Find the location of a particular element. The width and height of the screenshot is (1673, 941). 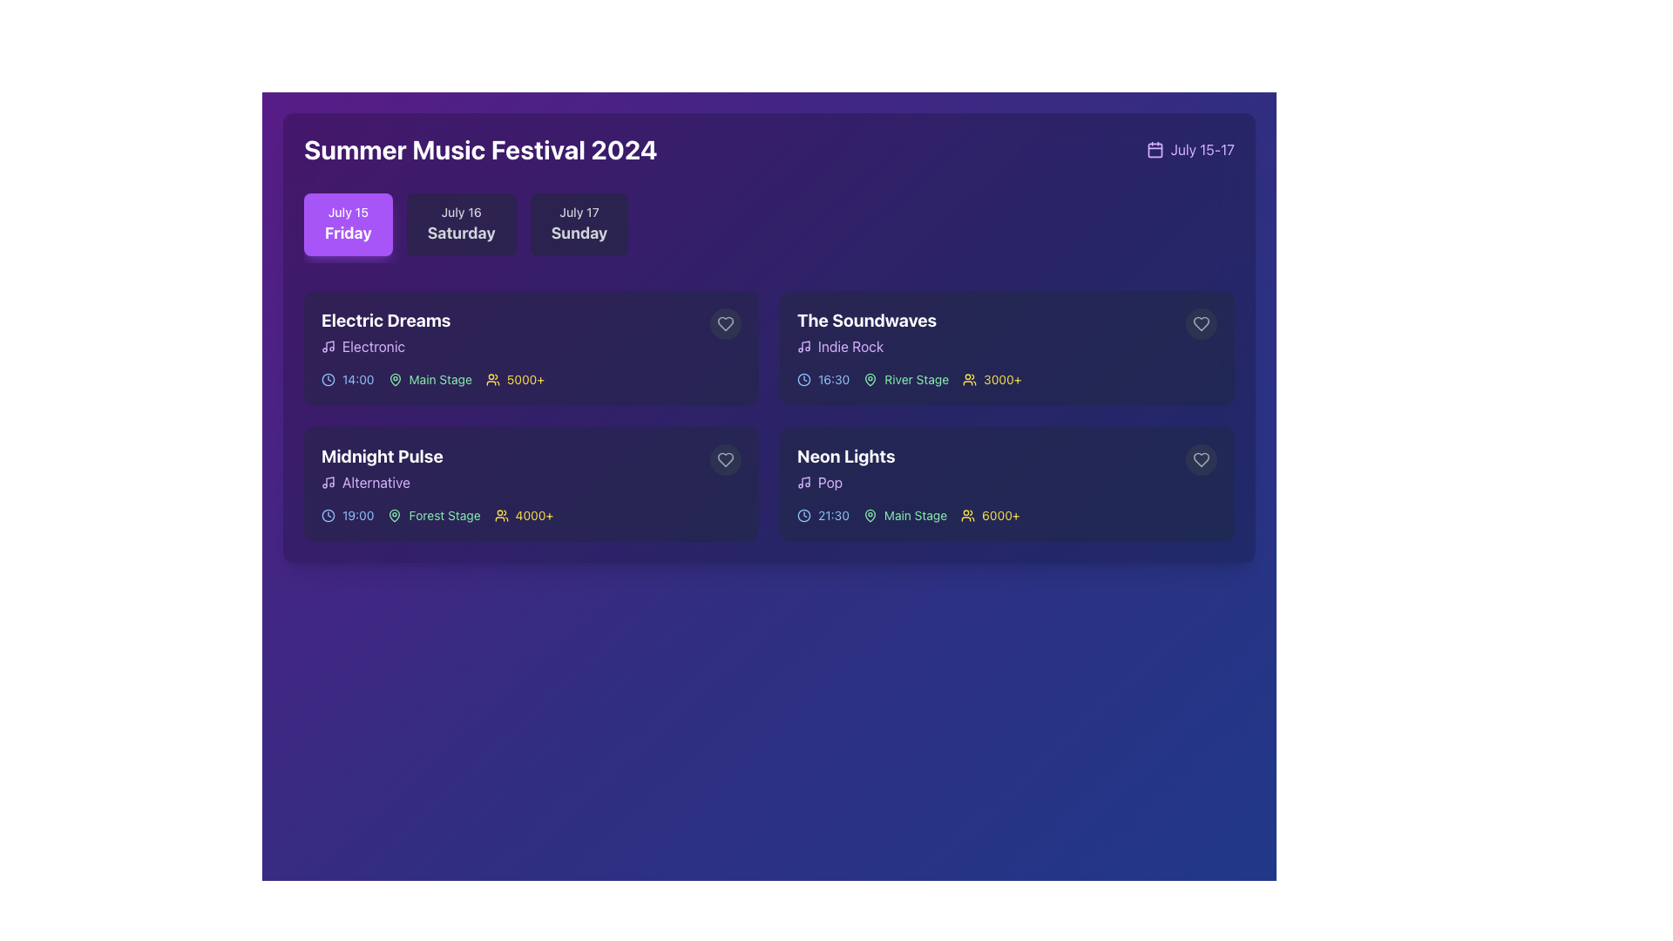

the yellow text label displaying '6000+' indicating attendee count, located in the bottom-right card labeled 'Neon Lights' in the schedule layout is located at coordinates (1000, 514).